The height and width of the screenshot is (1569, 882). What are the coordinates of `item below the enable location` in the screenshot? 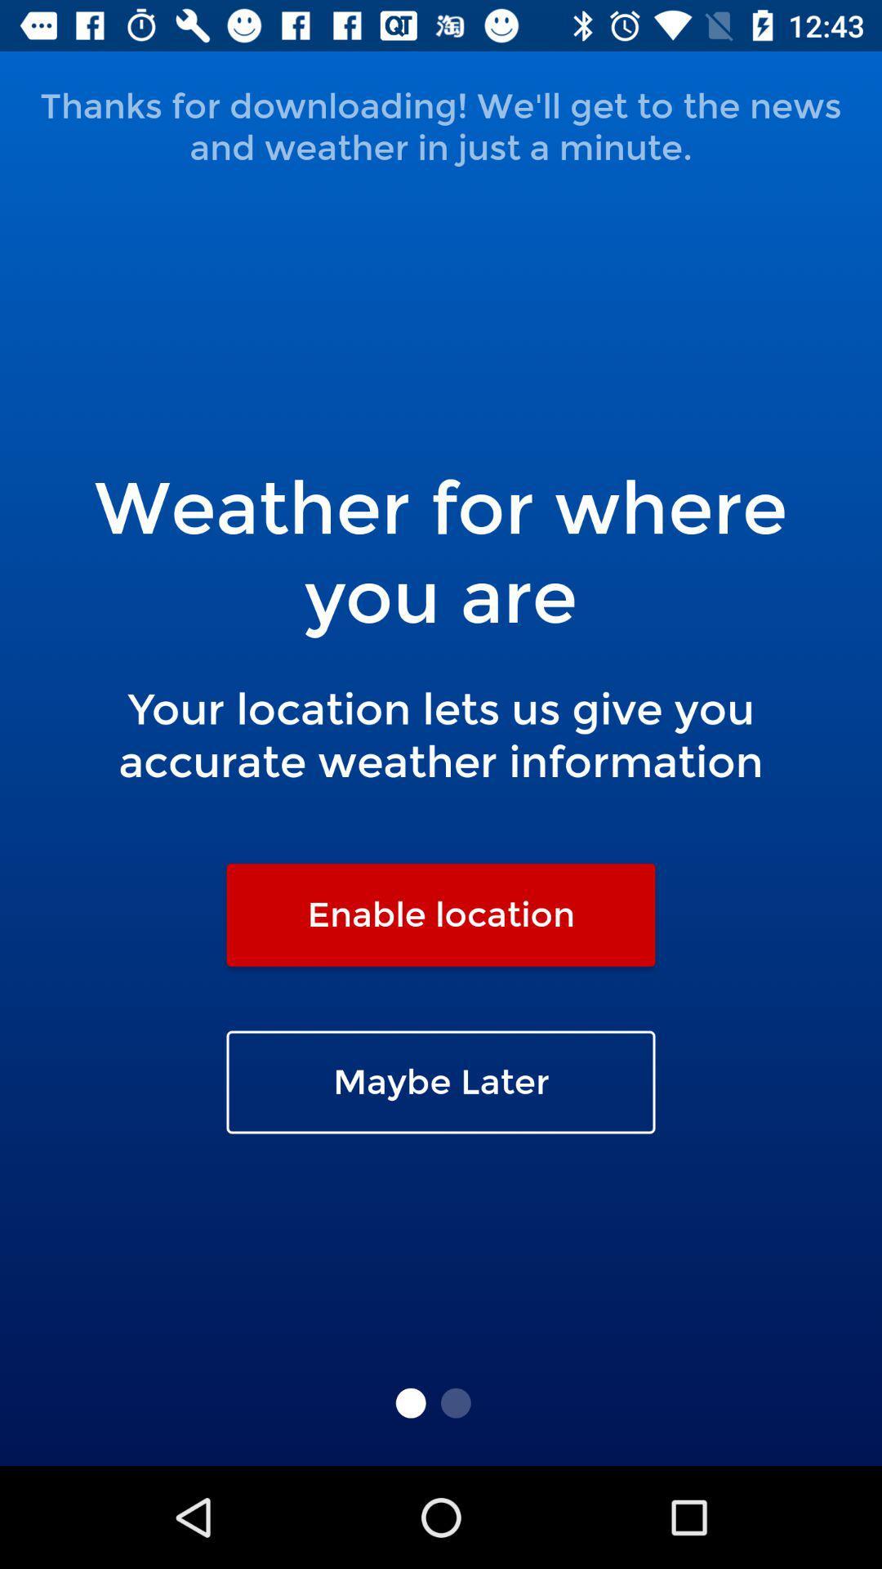 It's located at (441, 1082).